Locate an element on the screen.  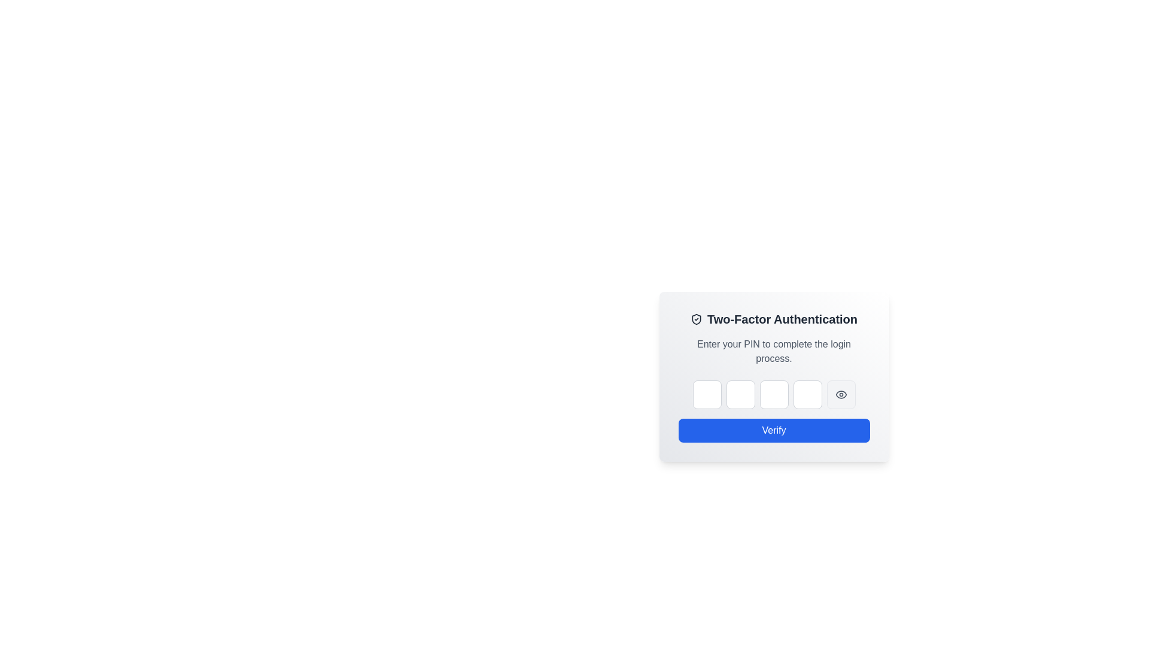
the shield-check icon located in the top-left region of the 'Two-Factor Authentication' dialog box is located at coordinates (696, 318).